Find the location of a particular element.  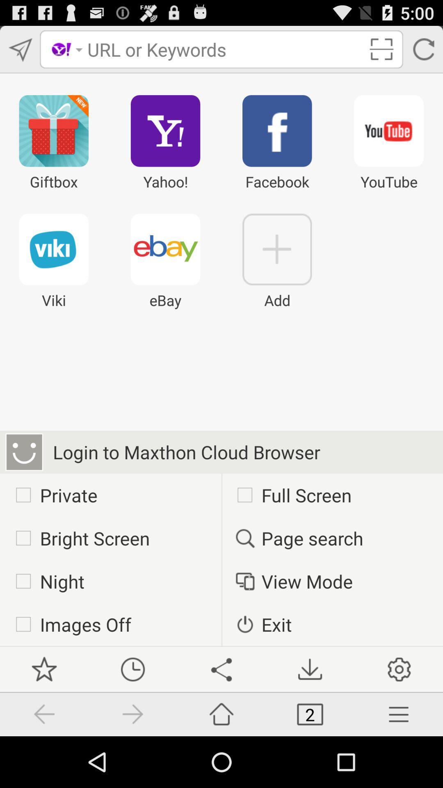

search the internet is located at coordinates (224, 49).